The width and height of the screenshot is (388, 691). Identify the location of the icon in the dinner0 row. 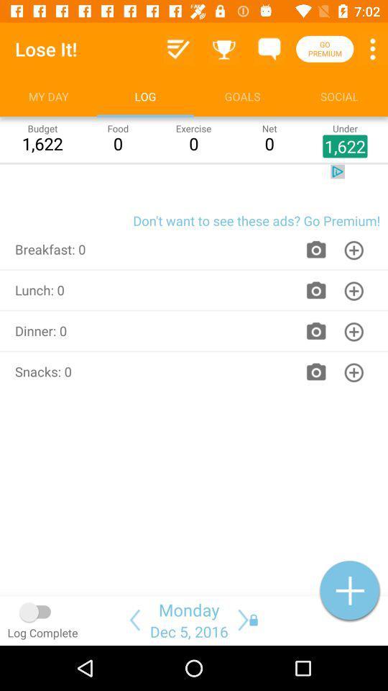
(354, 331).